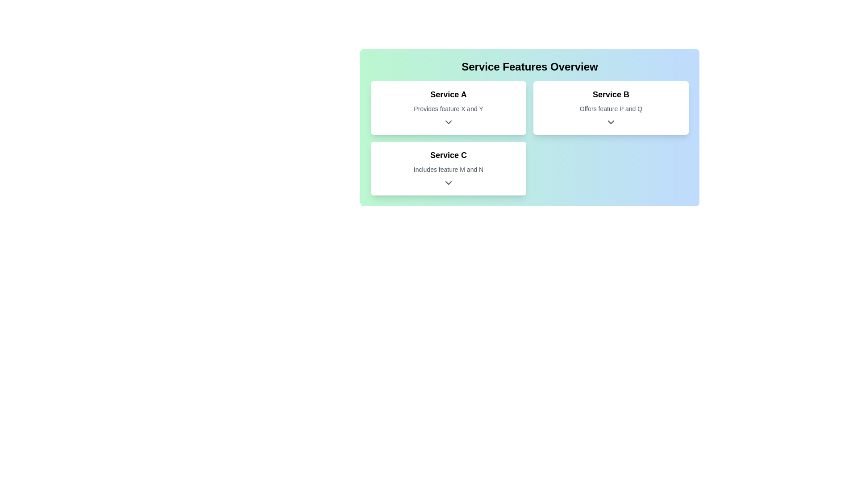 The image size is (857, 482). I want to click on the downward-pointing chevron icon located beneath the text 'Provides feature X and Y' in the 'Service A' block, so click(448, 122).